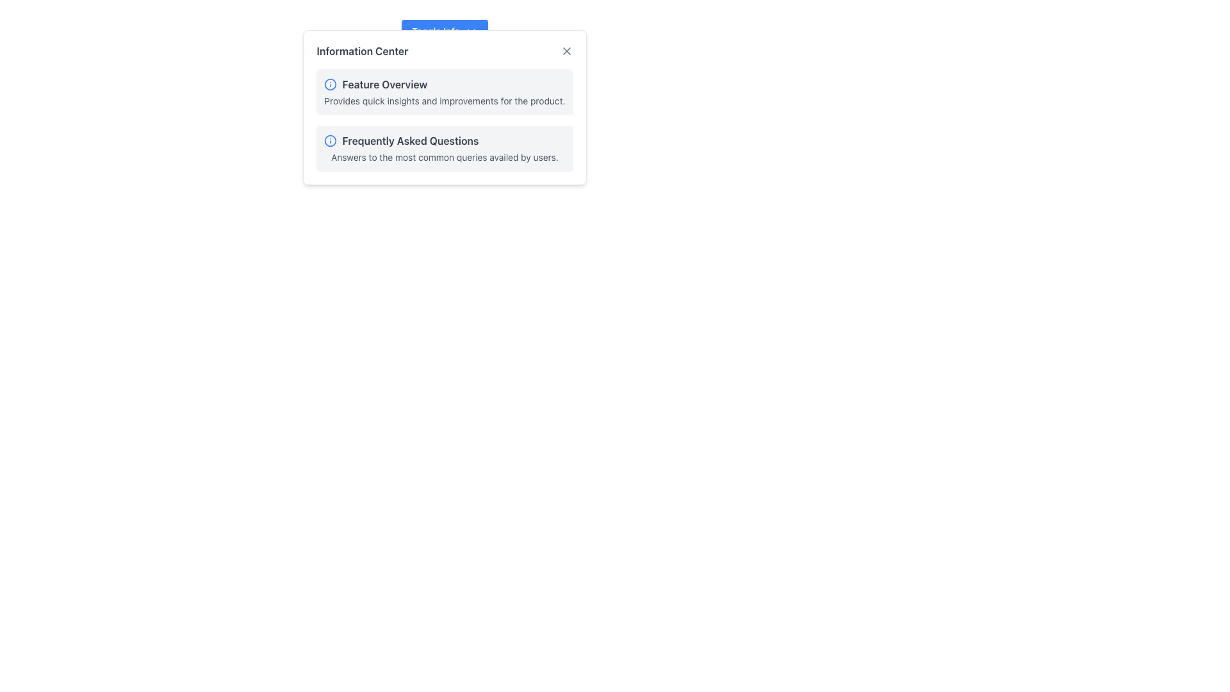 The height and width of the screenshot is (692, 1230). Describe the element at coordinates (331, 140) in the screenshot. I see `the decorative circular graphic component within the 'Information Center' modal, located adjacent to the 'Feature Overview' text` at that location.